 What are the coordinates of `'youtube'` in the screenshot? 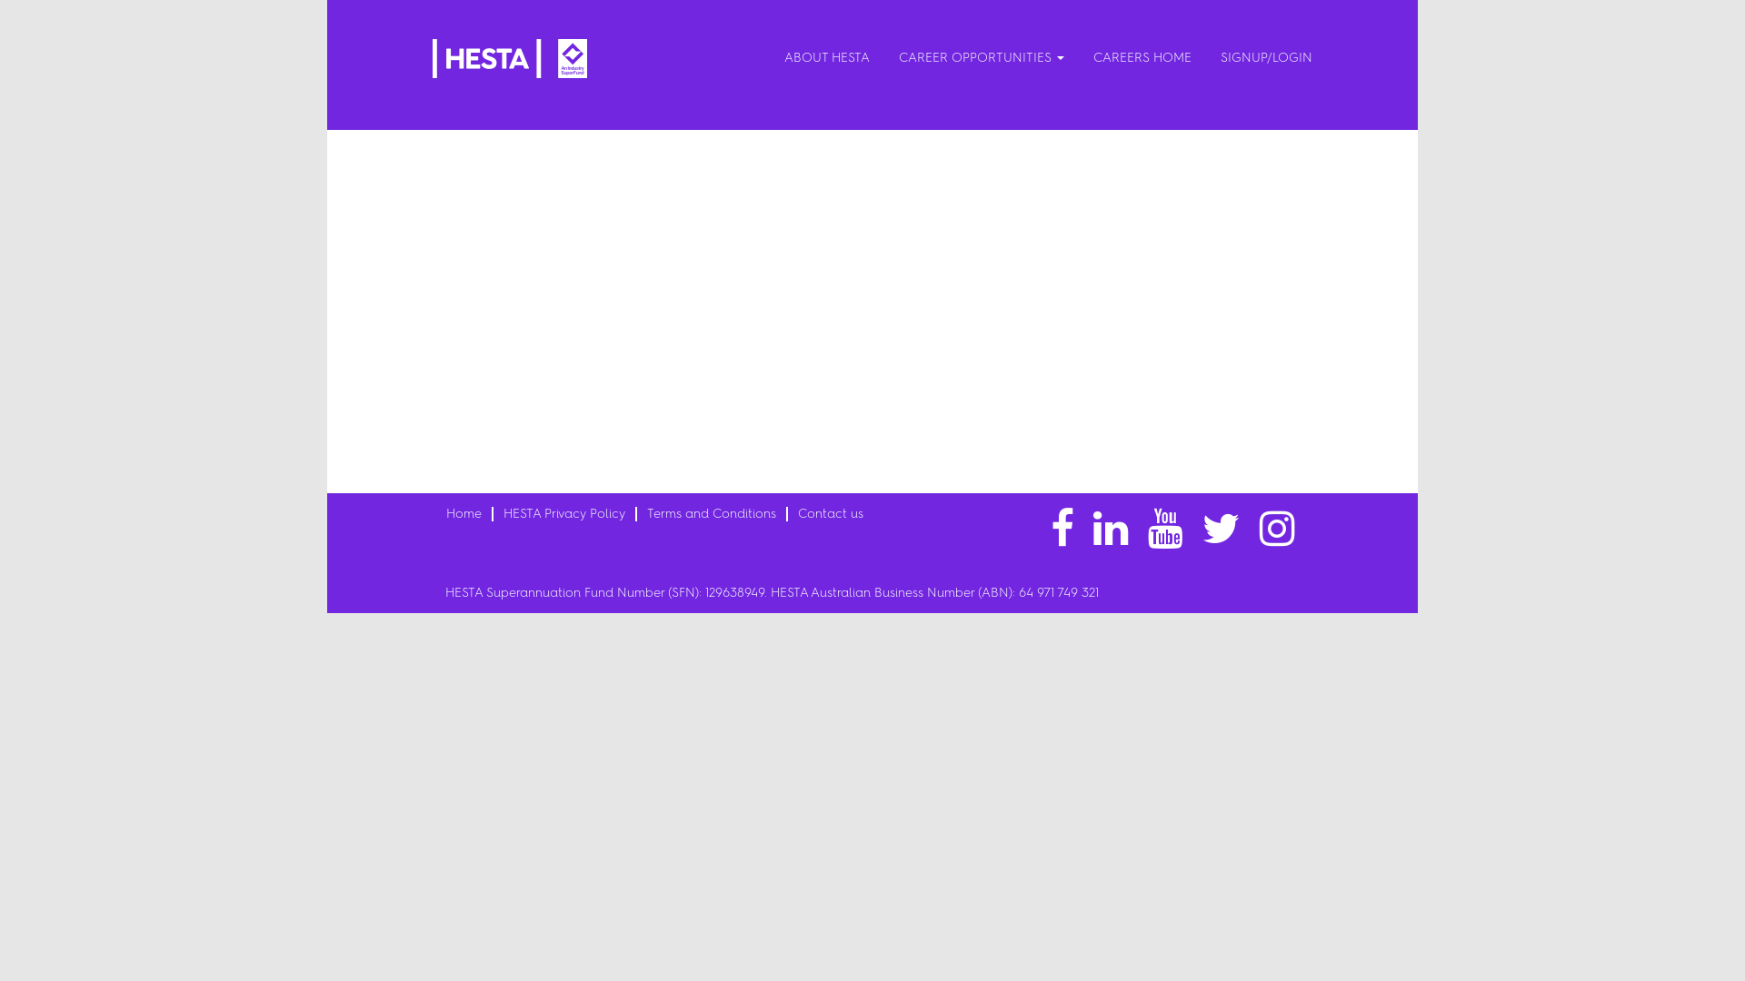 It's located at (1165, 529).